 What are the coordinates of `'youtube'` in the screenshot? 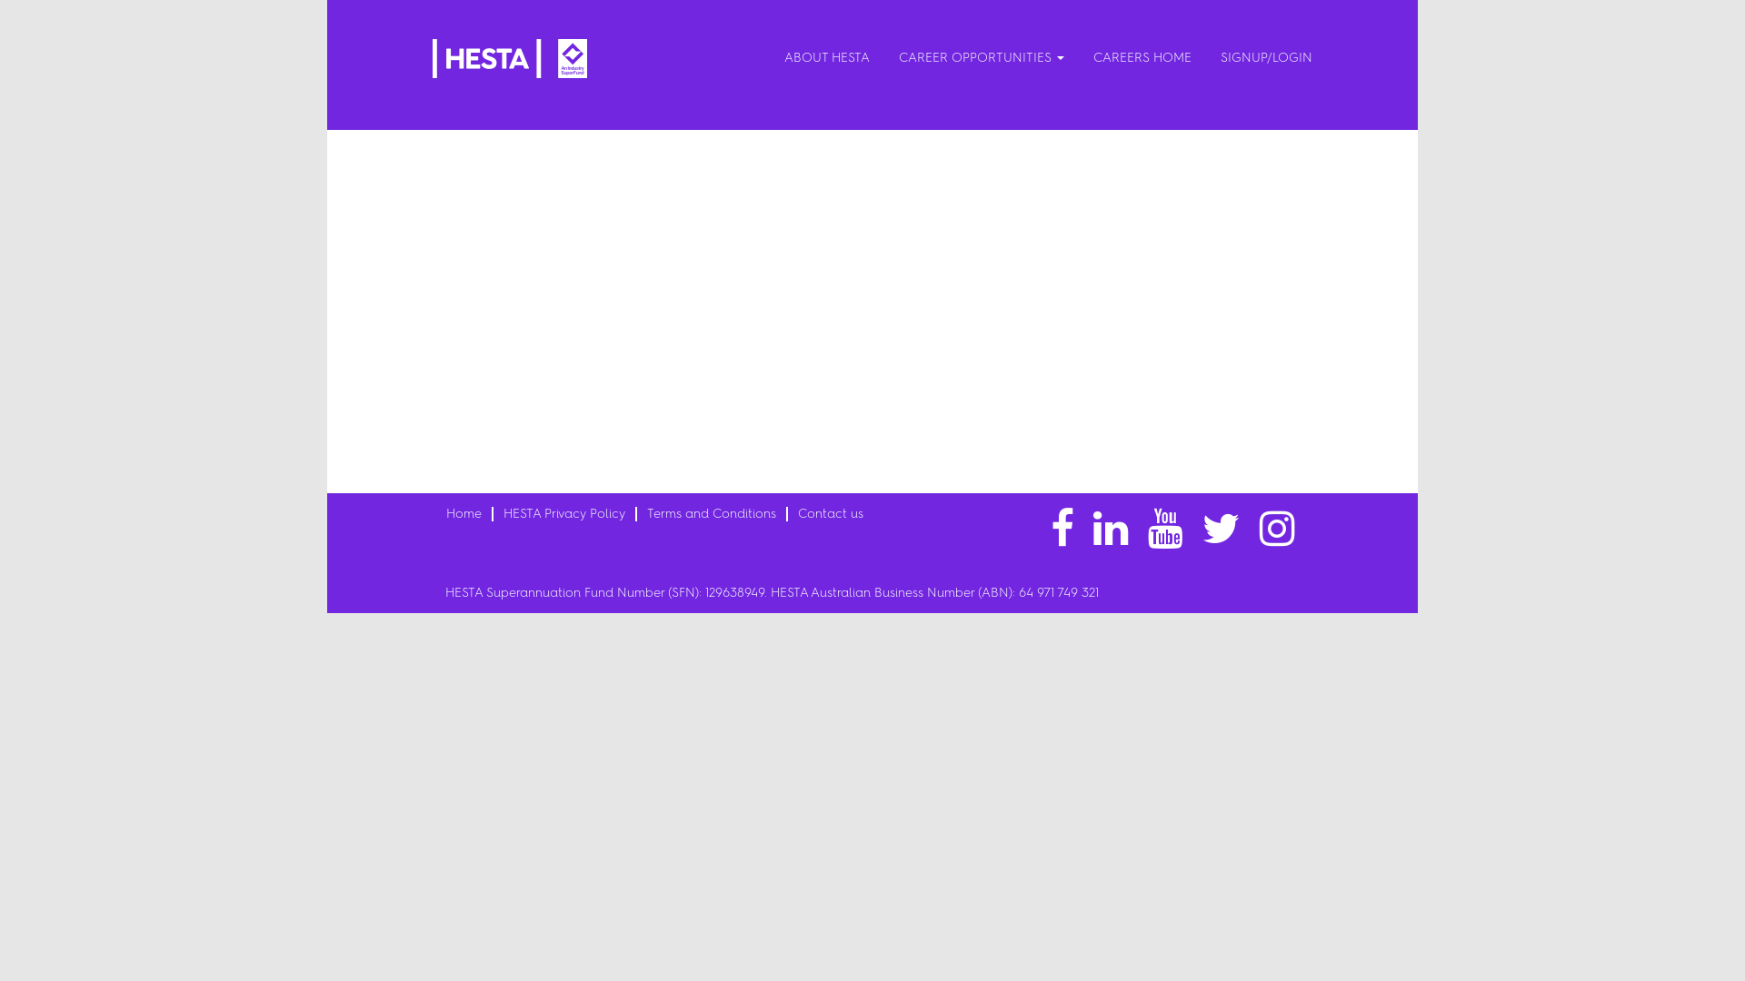 It's located at (1165, 529).